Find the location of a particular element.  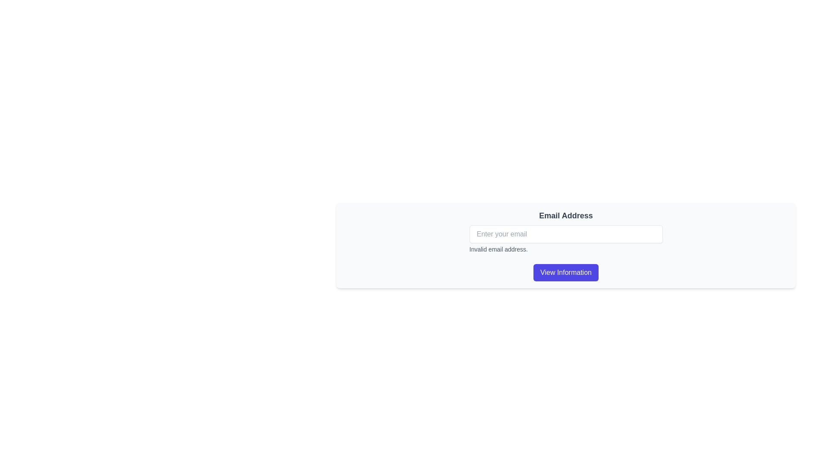

the text label that reads 'Invalid email address.' which is styled in gray color and positioned beneath the 'Enter your email' input field is located at coordinates (499, 249).